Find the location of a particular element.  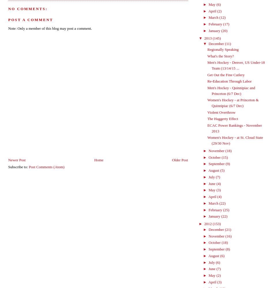

'Men's Hockey - Quinnipiac and Princeton (6/7 Dec)' is located at coordinates (231, 90).